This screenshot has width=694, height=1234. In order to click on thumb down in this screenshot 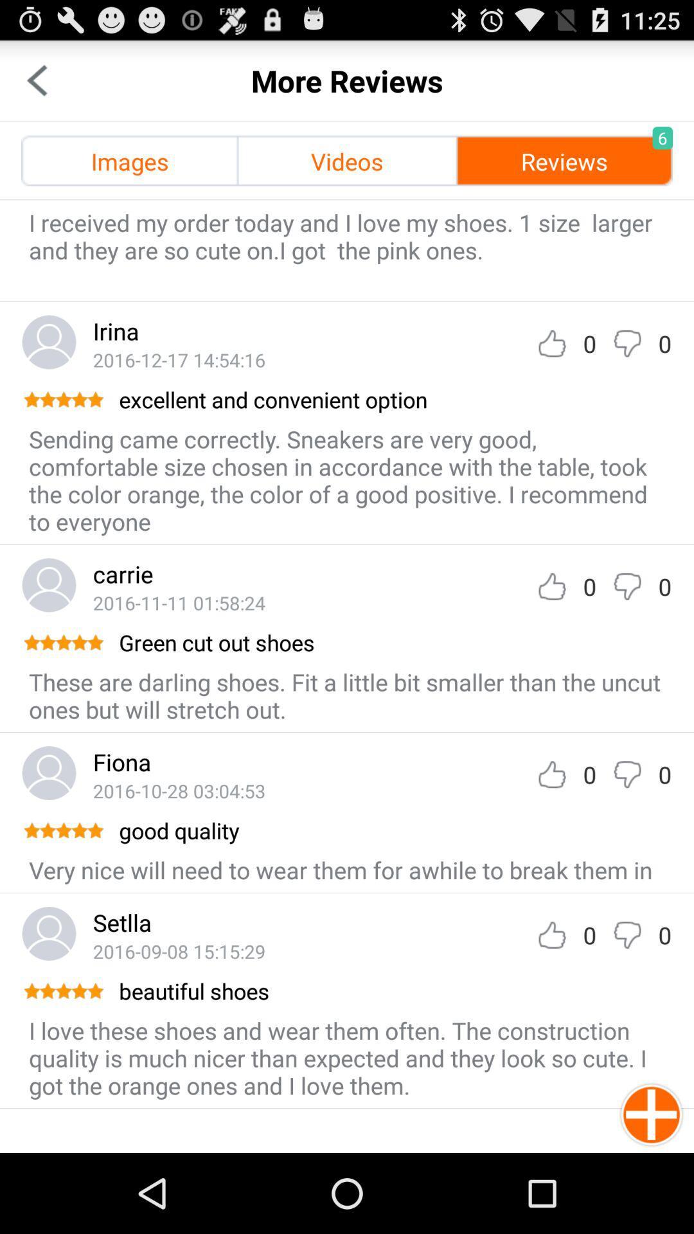, I will do `click(627, 774)`.